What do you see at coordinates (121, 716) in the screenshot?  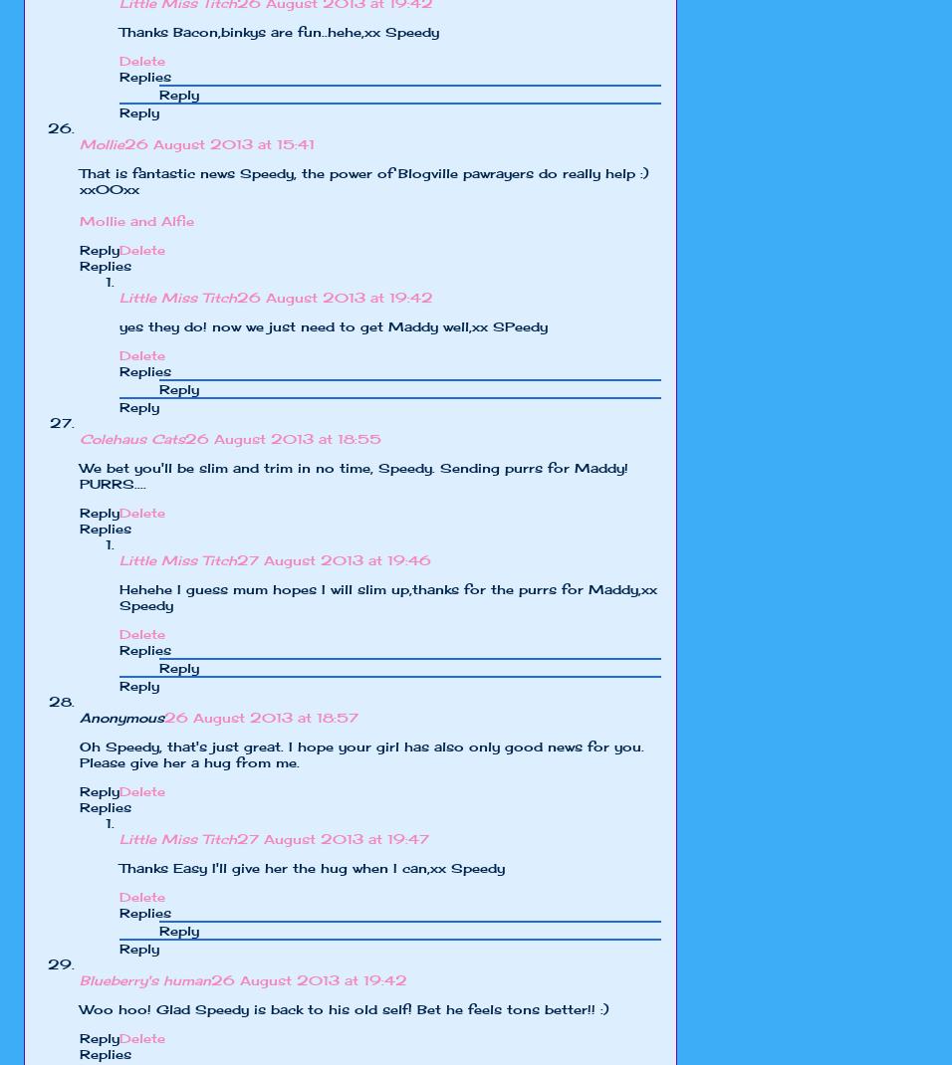 I see `'Anonymous'` at bounding box center [121, 716].